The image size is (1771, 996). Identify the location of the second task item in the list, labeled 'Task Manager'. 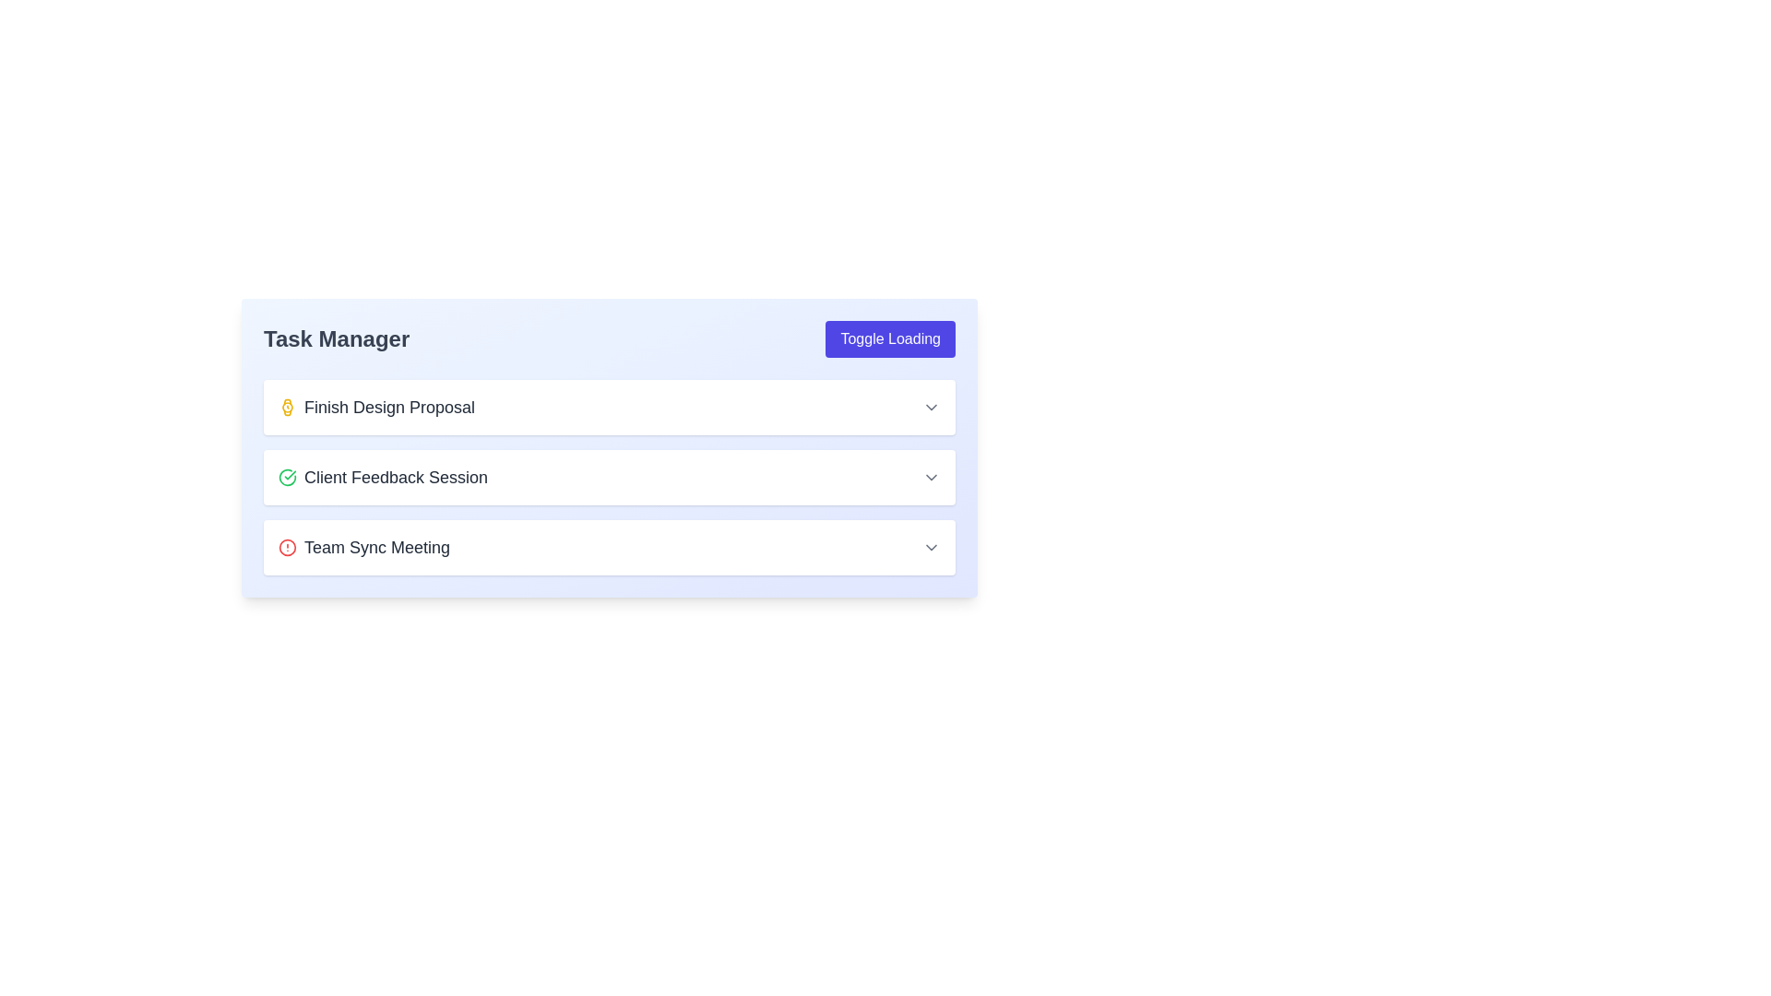
(610, 448).